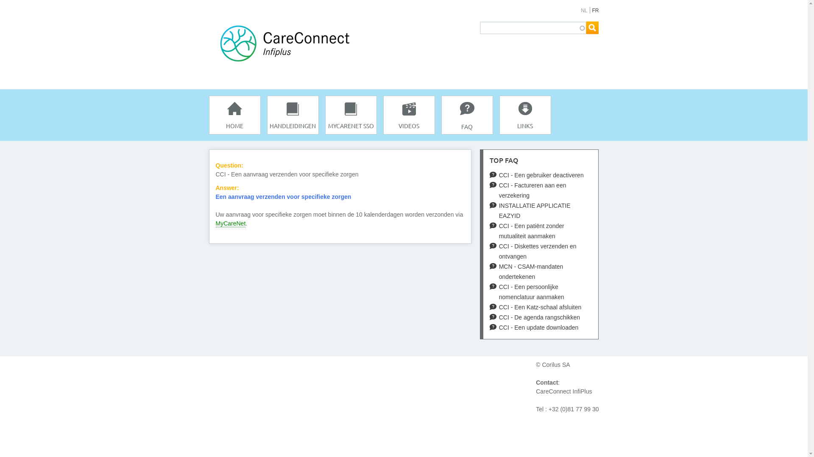 This screenshot has width=814, height=457. Describe the element at coordinates (540, 271) in the screenshot. I see `'MCN - CSAM-mandaten ondertekenen'` at that location.